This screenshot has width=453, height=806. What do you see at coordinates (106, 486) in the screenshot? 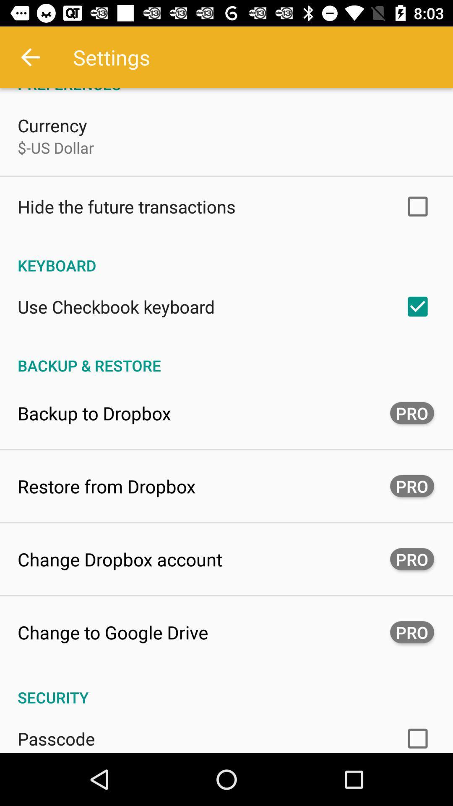
I see `button next to pro icon` at bounding box center [106, 486].